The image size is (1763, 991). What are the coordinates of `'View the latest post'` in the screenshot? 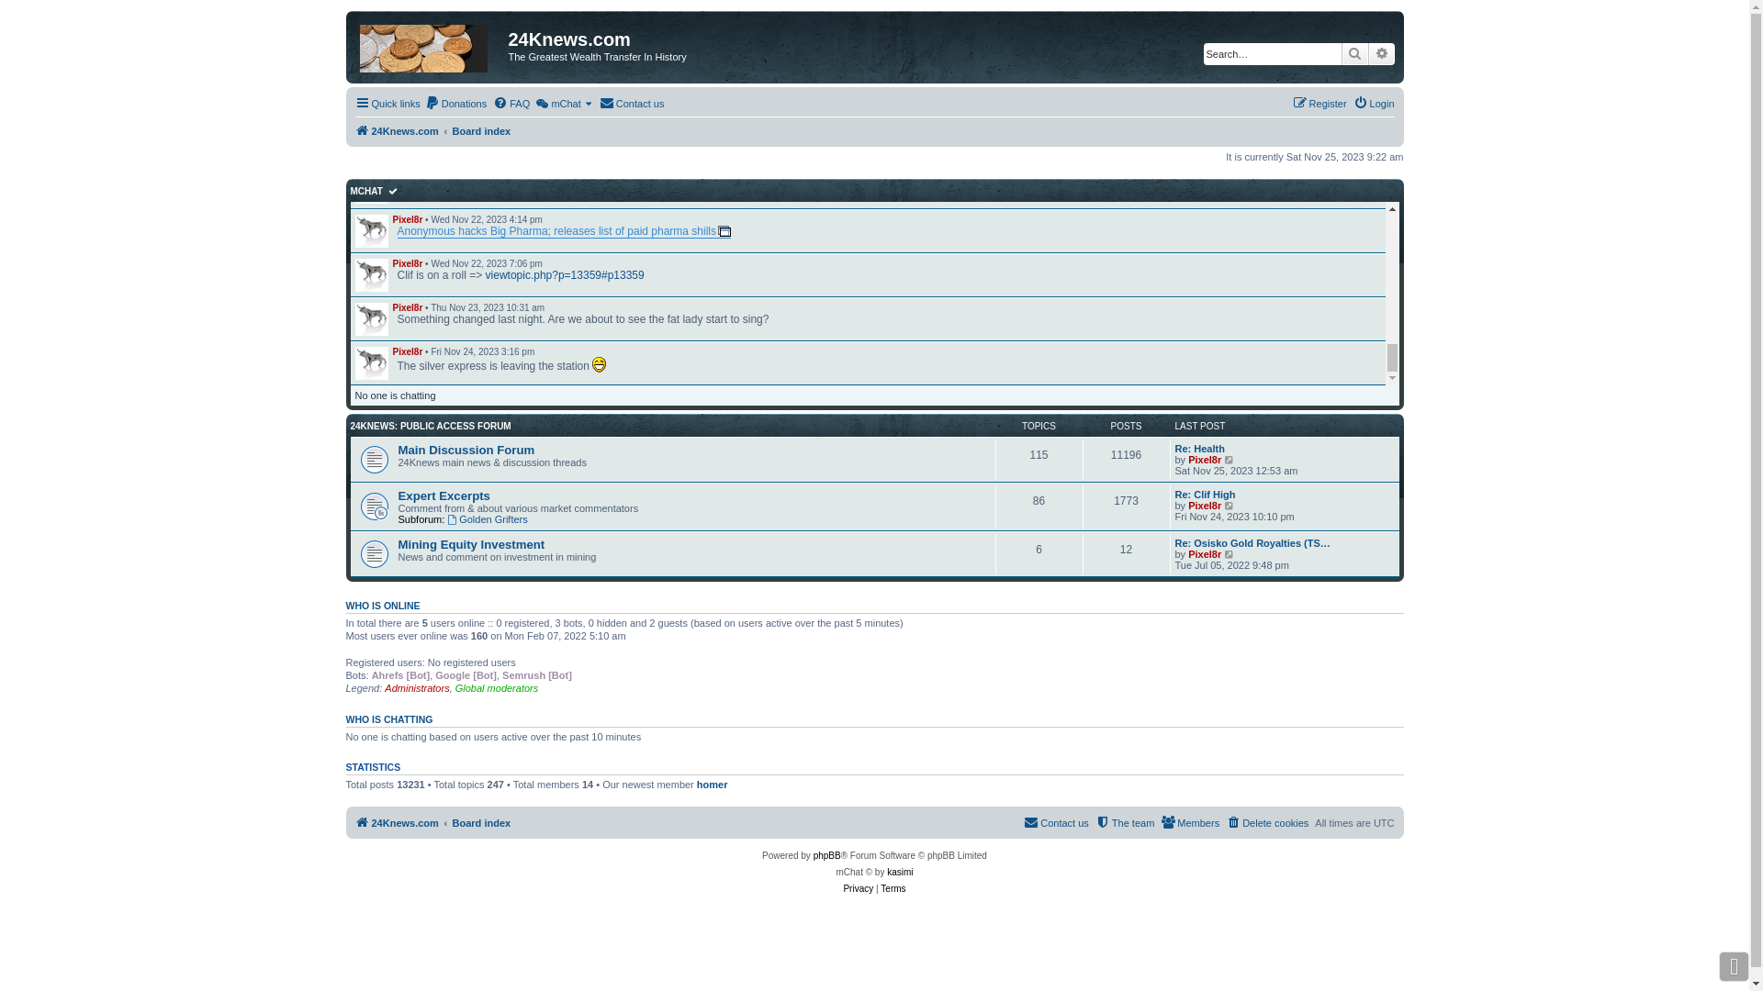 It's located at (1230, 506).